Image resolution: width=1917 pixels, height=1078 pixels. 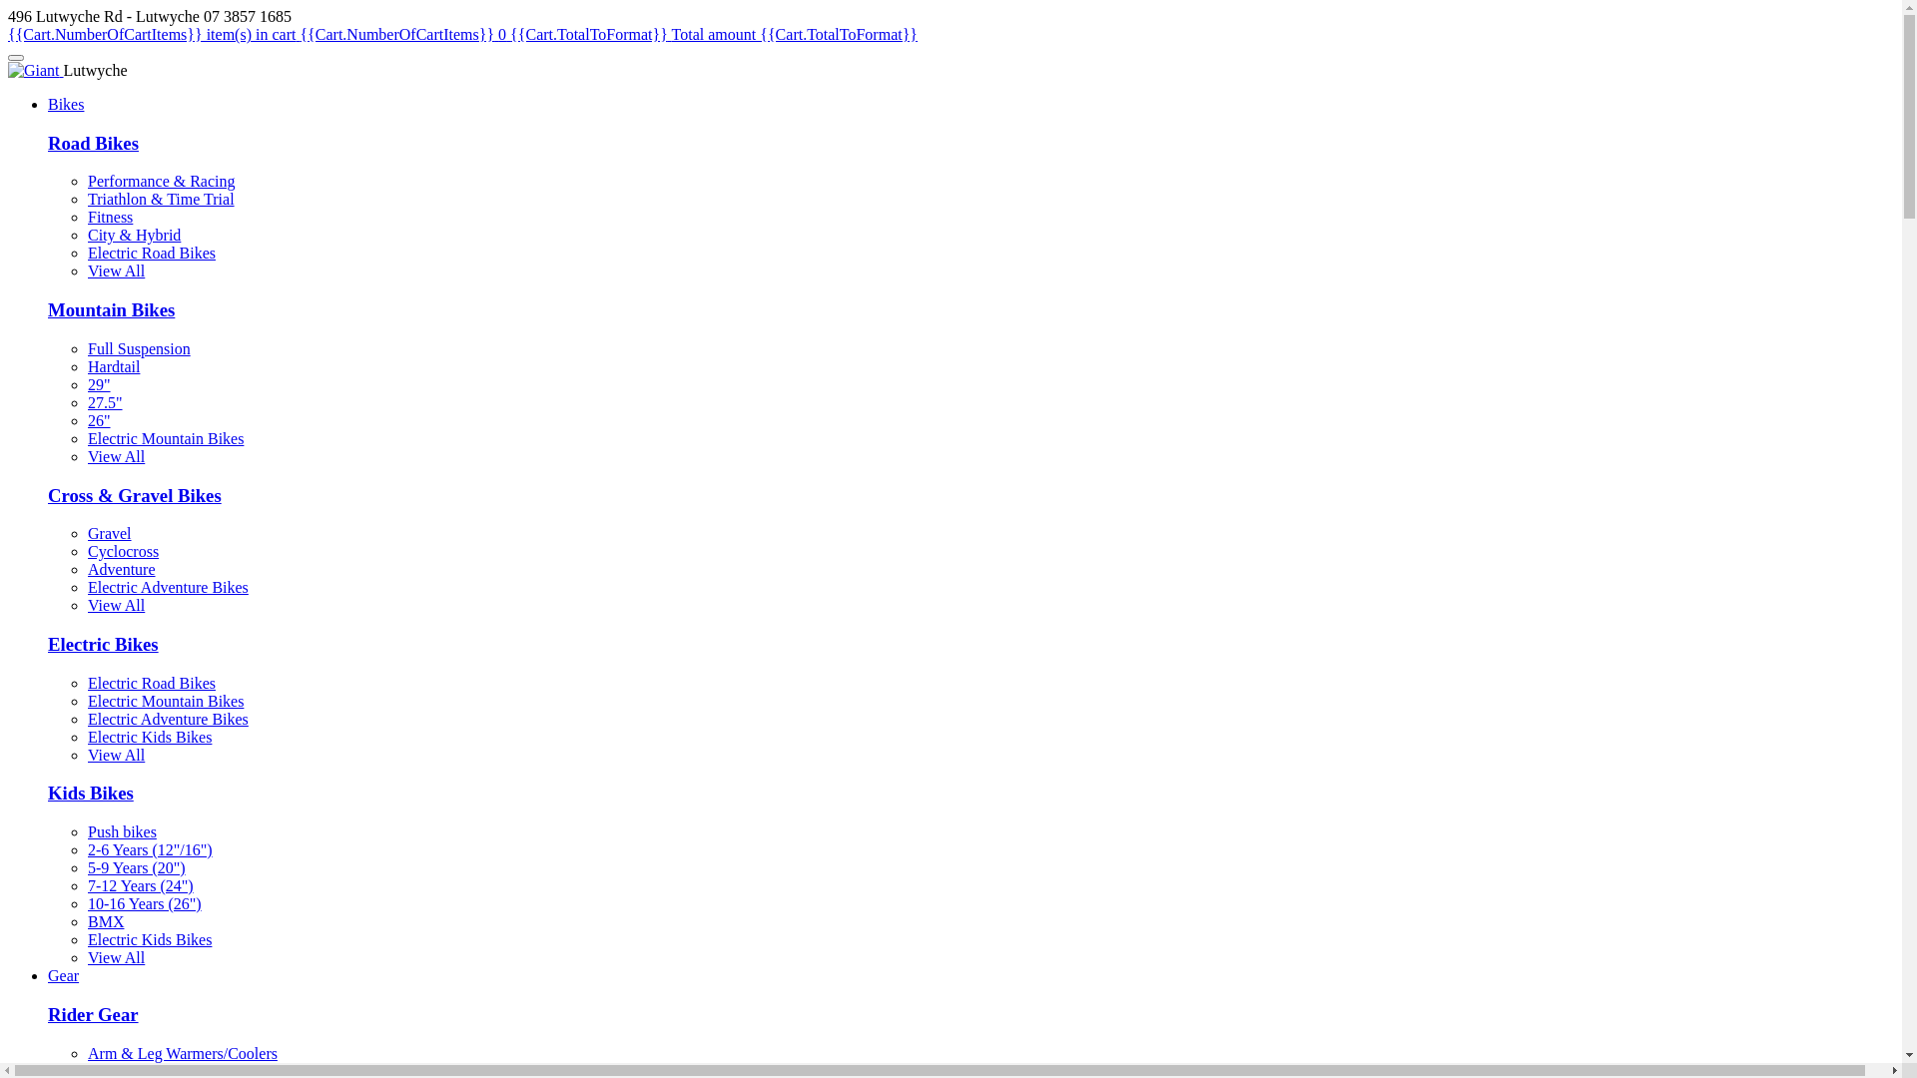 What do you see at coordinates (136, 866) in the screenshot?
I see `'5-9 Years (20")'` at bounding box center [136, 866].